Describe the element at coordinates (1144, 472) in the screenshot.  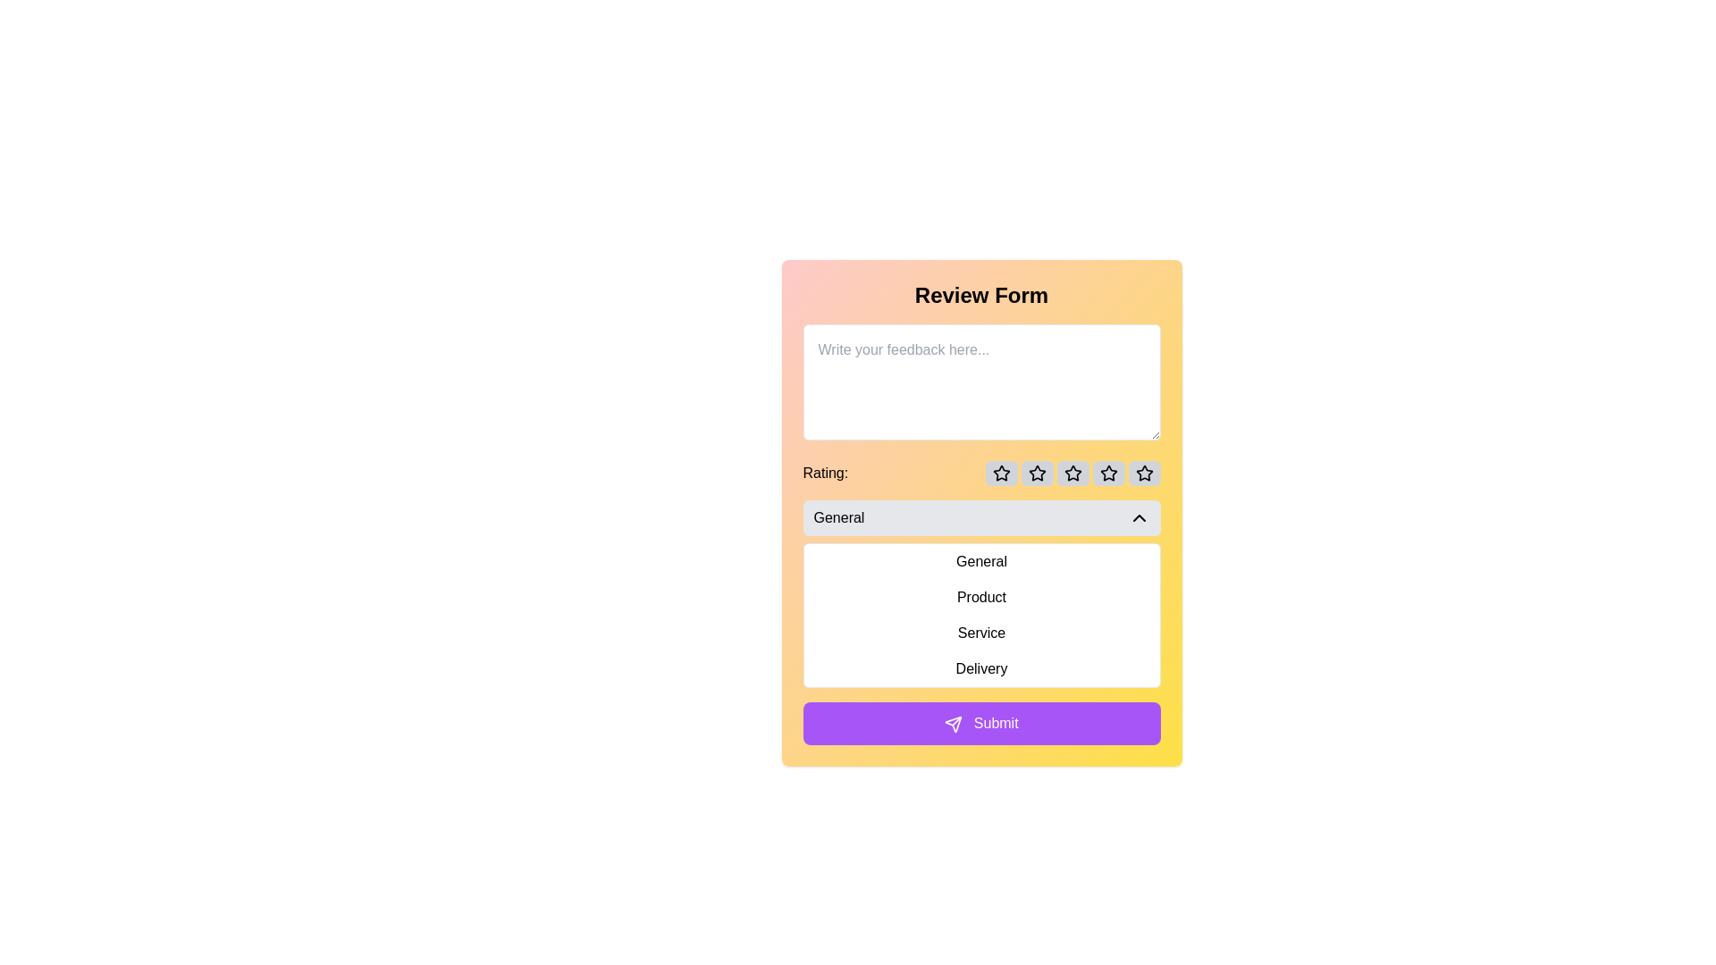
I see `the fifth star icon in the horizontal row of five stars under the 'Rating:' label` at that location.